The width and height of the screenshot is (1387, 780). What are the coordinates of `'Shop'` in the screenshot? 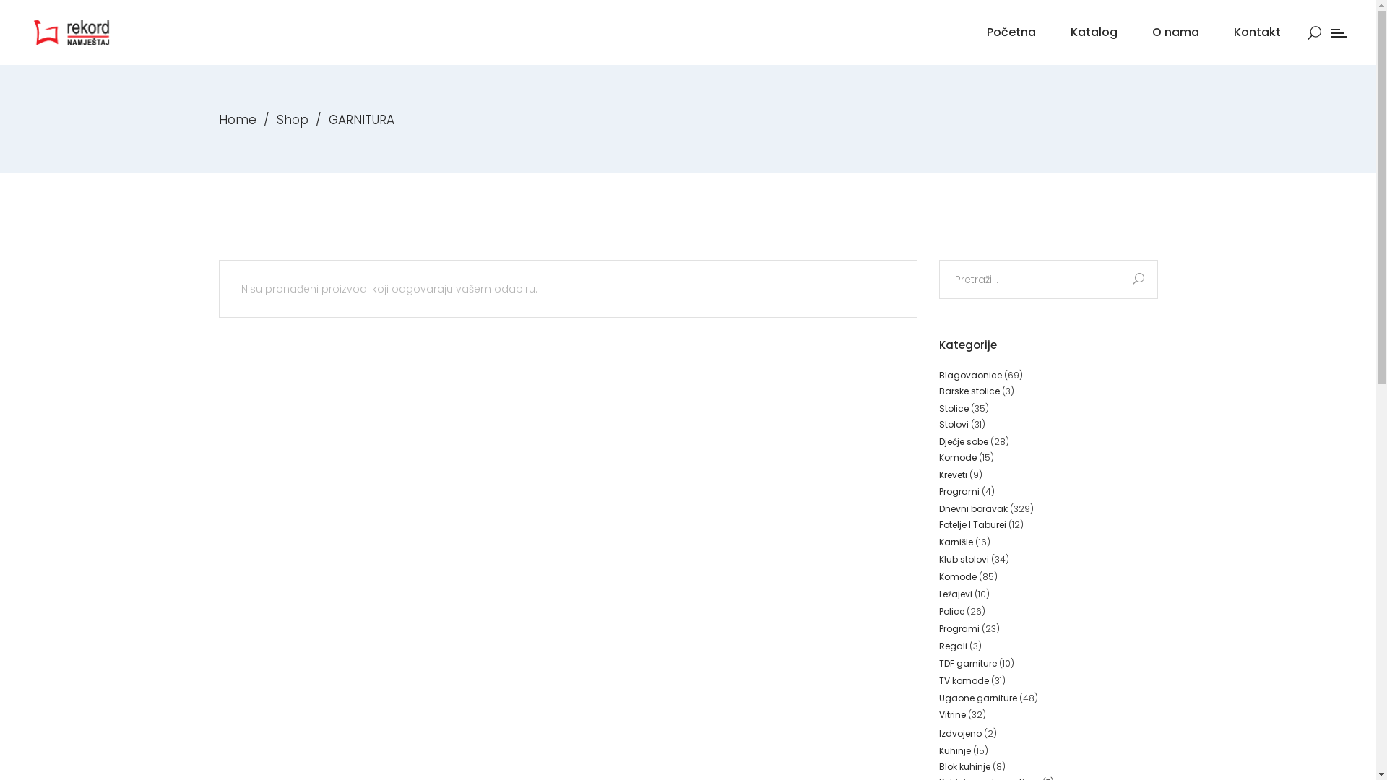 It's located at (276, 118).